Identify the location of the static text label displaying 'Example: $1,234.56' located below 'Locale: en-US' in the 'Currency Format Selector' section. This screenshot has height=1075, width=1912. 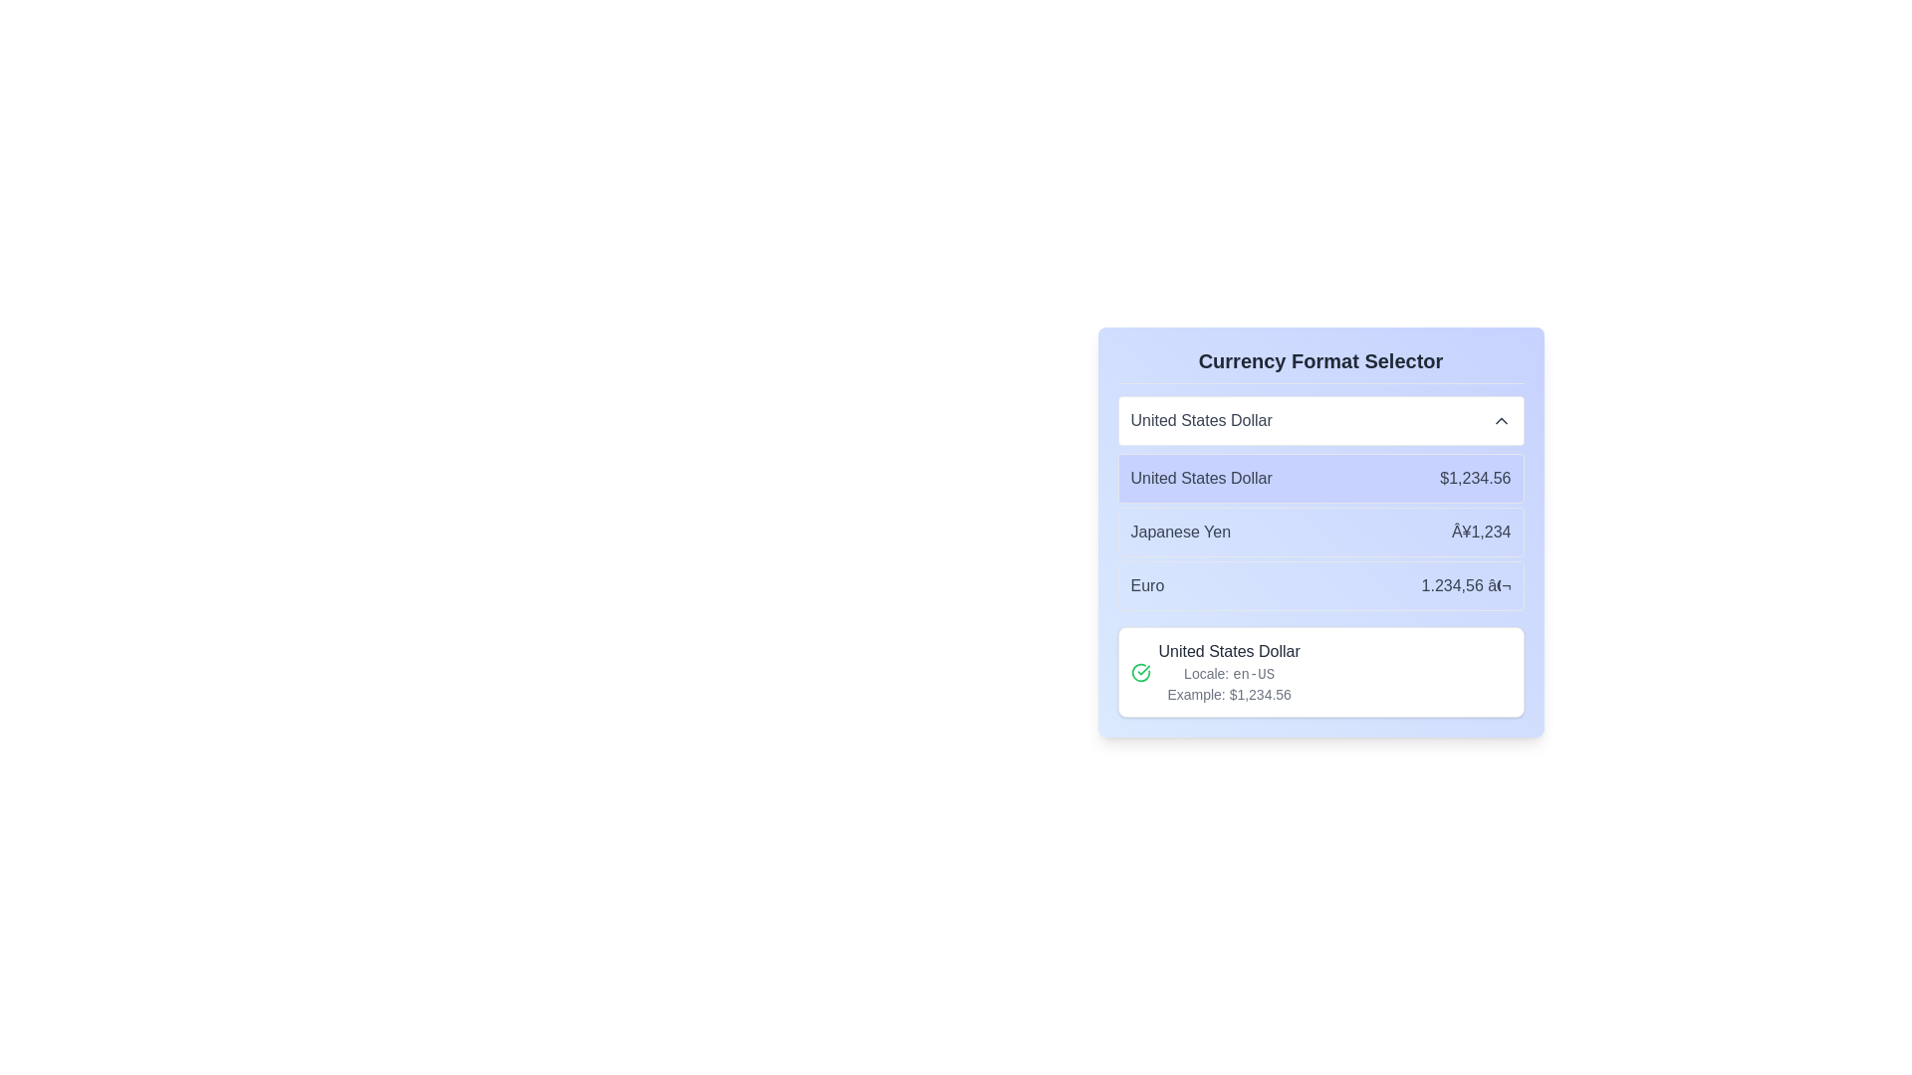
(1228, 694).